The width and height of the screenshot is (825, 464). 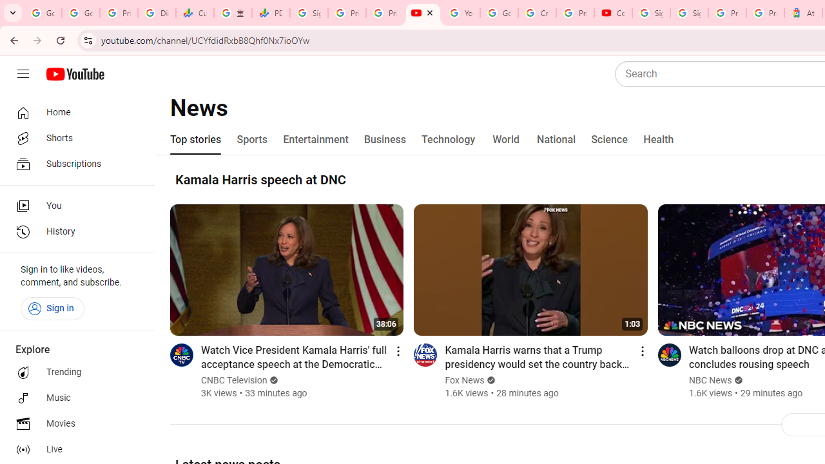 I want to click on 'YouTube Home', so click(x=74, y=74).